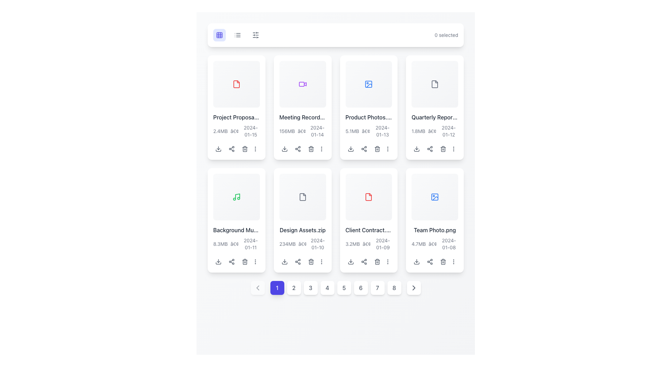 Image resolution: width=669 pixels, height=376 pixels. I want to click on the circular 'share' icon, which consists of three interconnected circles in a triangular pattern, located below the 'Design Assets.zip' file card, so click(298, 261).